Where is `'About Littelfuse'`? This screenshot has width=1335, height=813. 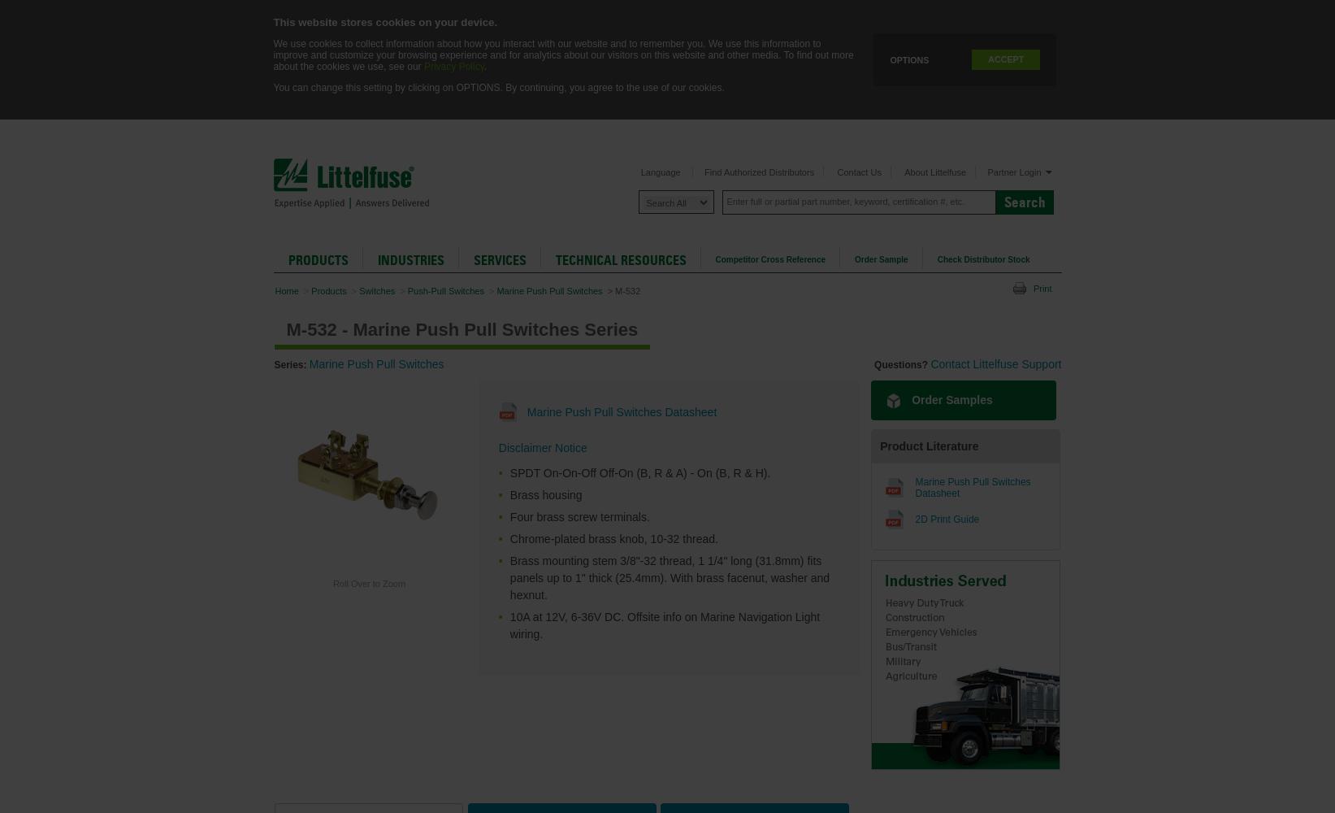 'About Littelfuse' is located at coordinates (934, 172).